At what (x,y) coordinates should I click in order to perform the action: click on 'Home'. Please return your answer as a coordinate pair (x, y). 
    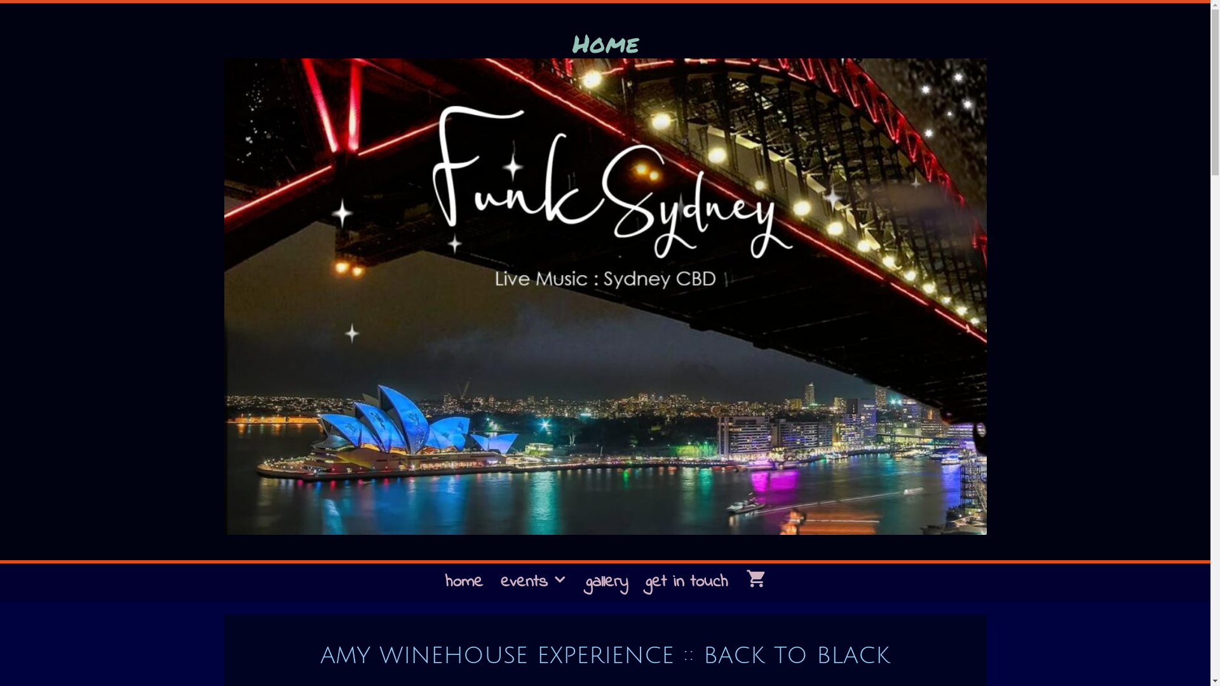
    Looking at the image, I should click on (604, 42).